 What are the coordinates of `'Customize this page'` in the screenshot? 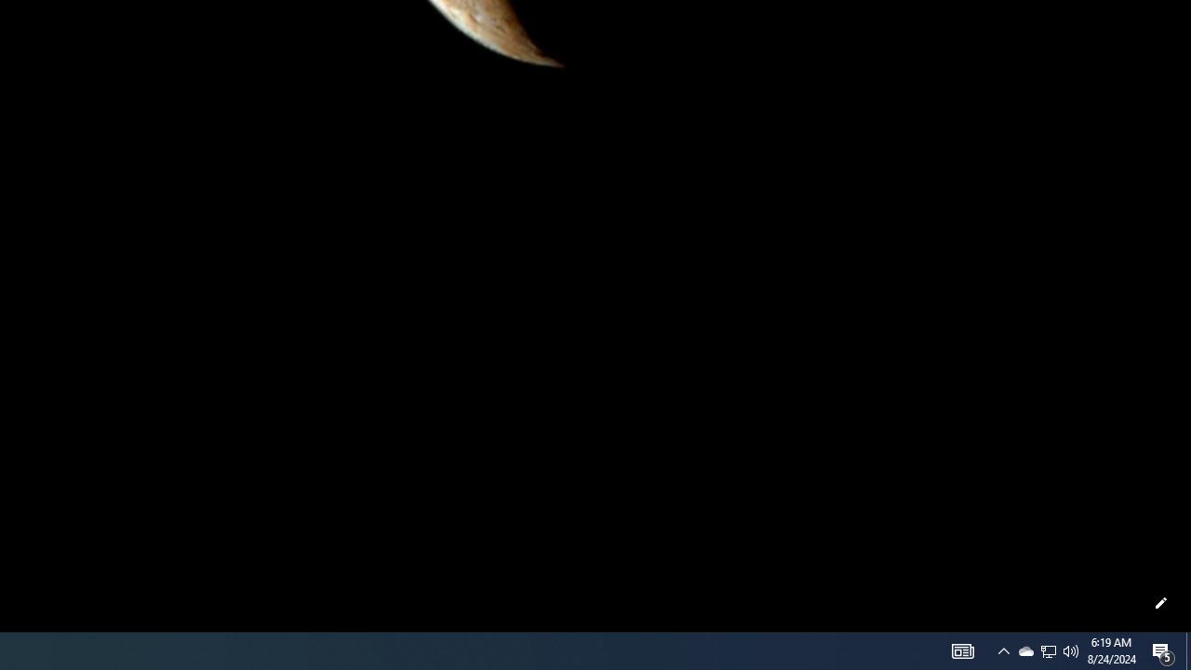 It's located at (1160, 603).